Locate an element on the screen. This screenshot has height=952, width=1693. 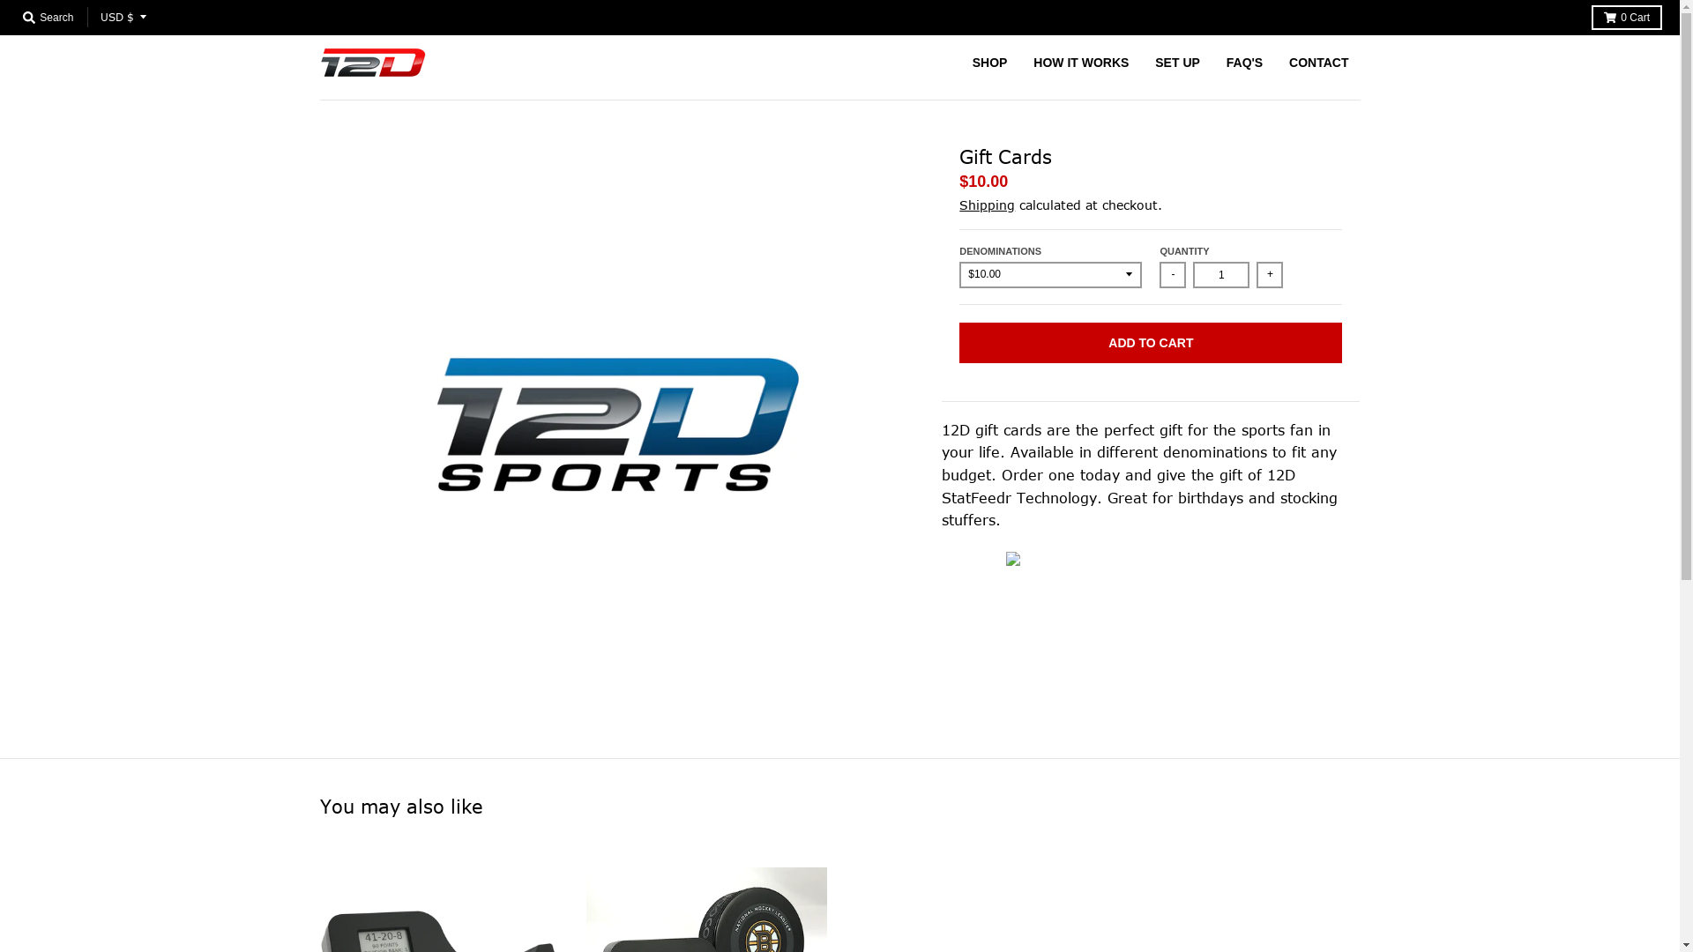
'HOW IT WORKS' is located at coordinates (1079, 61).